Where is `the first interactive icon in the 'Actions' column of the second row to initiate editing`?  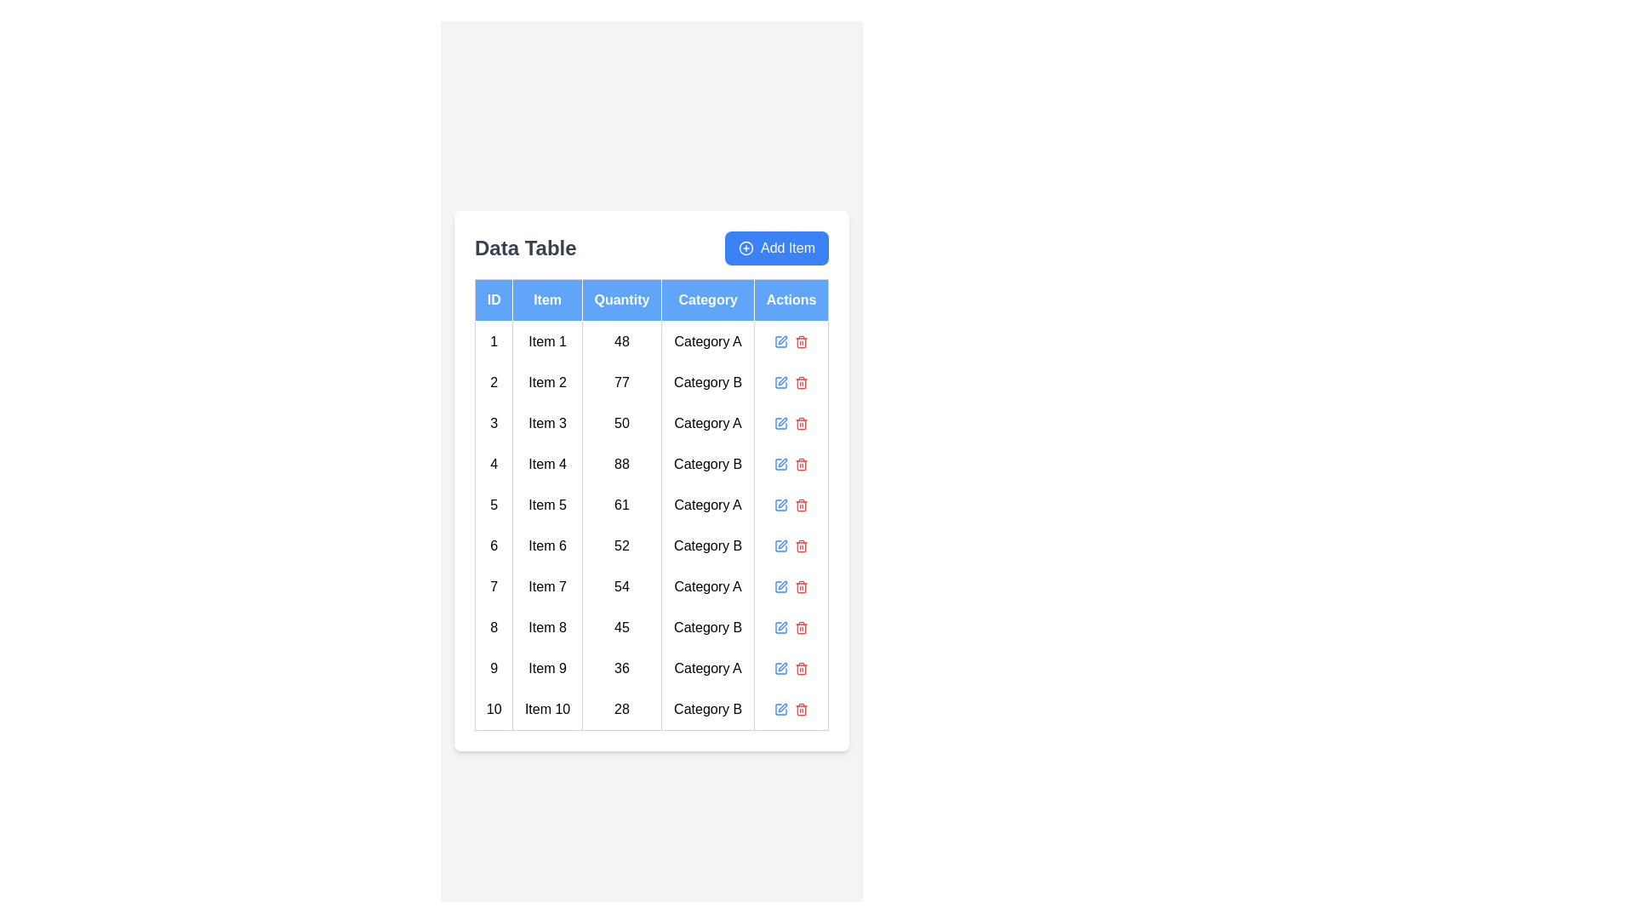 the first interactive icon in the 'Actions' column of the second row to initiate editing is located at coordinates (780, 381).